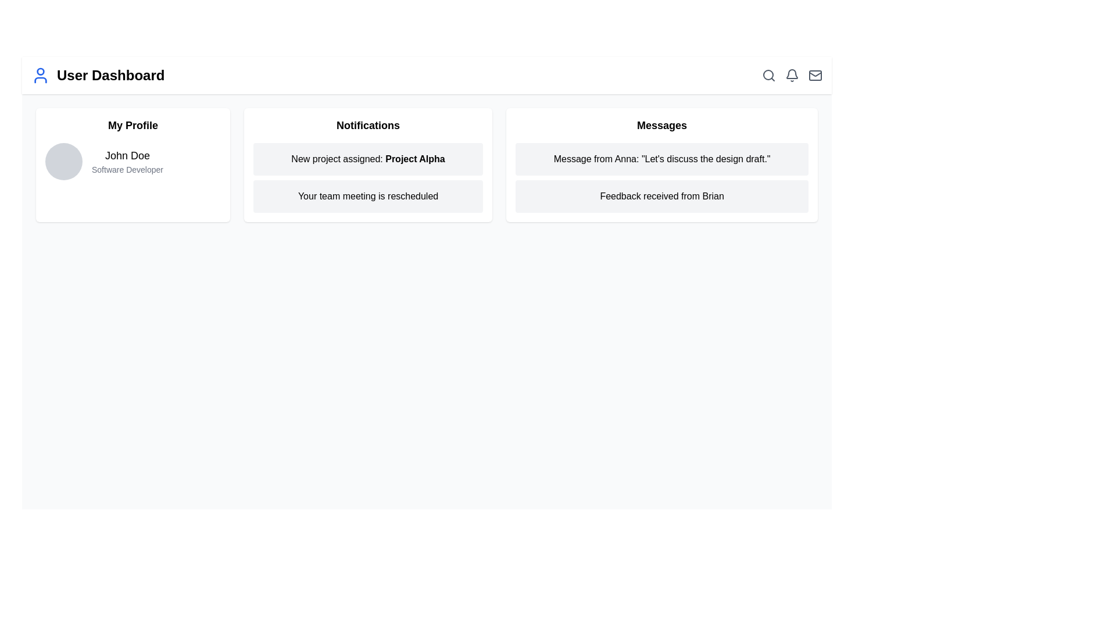 The width and height of the screenshot is (1116, 628). I want to click on the bell notification icon, which is the second icon from the left in a group of three icons on the right side of the header, so click(792, 76).